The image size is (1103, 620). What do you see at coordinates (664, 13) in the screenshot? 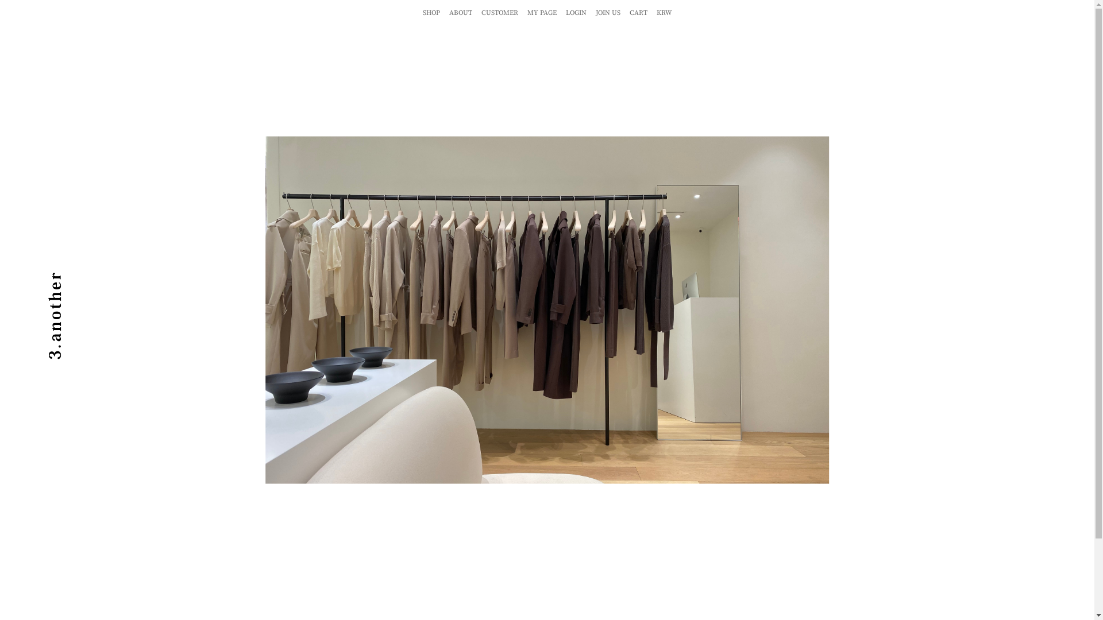
I see `'KRW'` at bounding box center [664, 13].